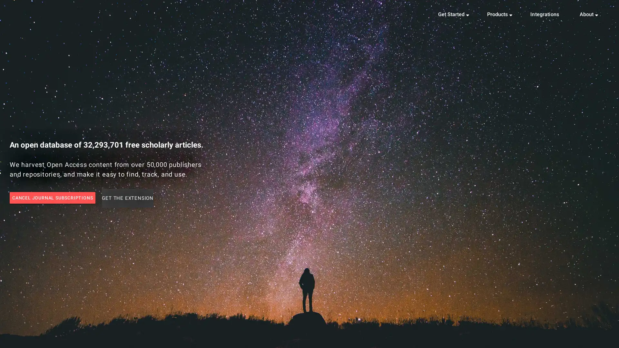 This screenshot has height=348, width=619. What do you see at coordinates (588, 14) in the screenshot?
I see `About` at bounding box center [588, 14].